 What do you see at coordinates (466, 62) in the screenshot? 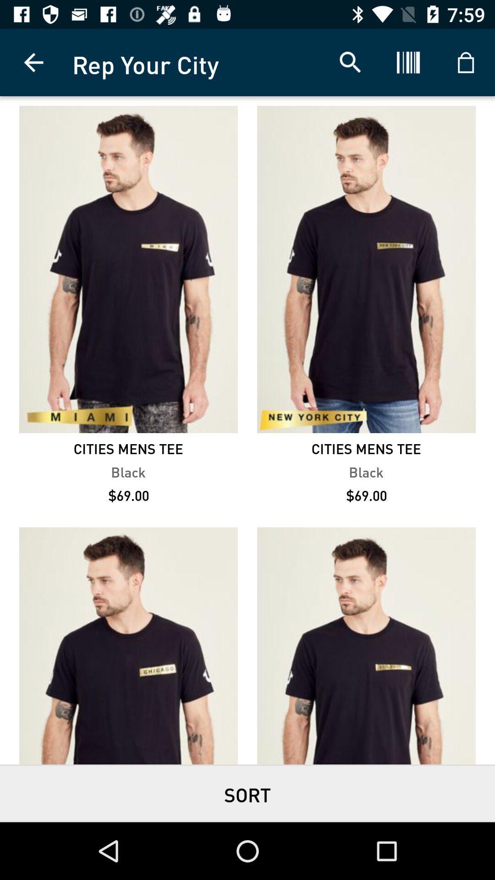
I see `the bag option` at bounding box center [466, 62].